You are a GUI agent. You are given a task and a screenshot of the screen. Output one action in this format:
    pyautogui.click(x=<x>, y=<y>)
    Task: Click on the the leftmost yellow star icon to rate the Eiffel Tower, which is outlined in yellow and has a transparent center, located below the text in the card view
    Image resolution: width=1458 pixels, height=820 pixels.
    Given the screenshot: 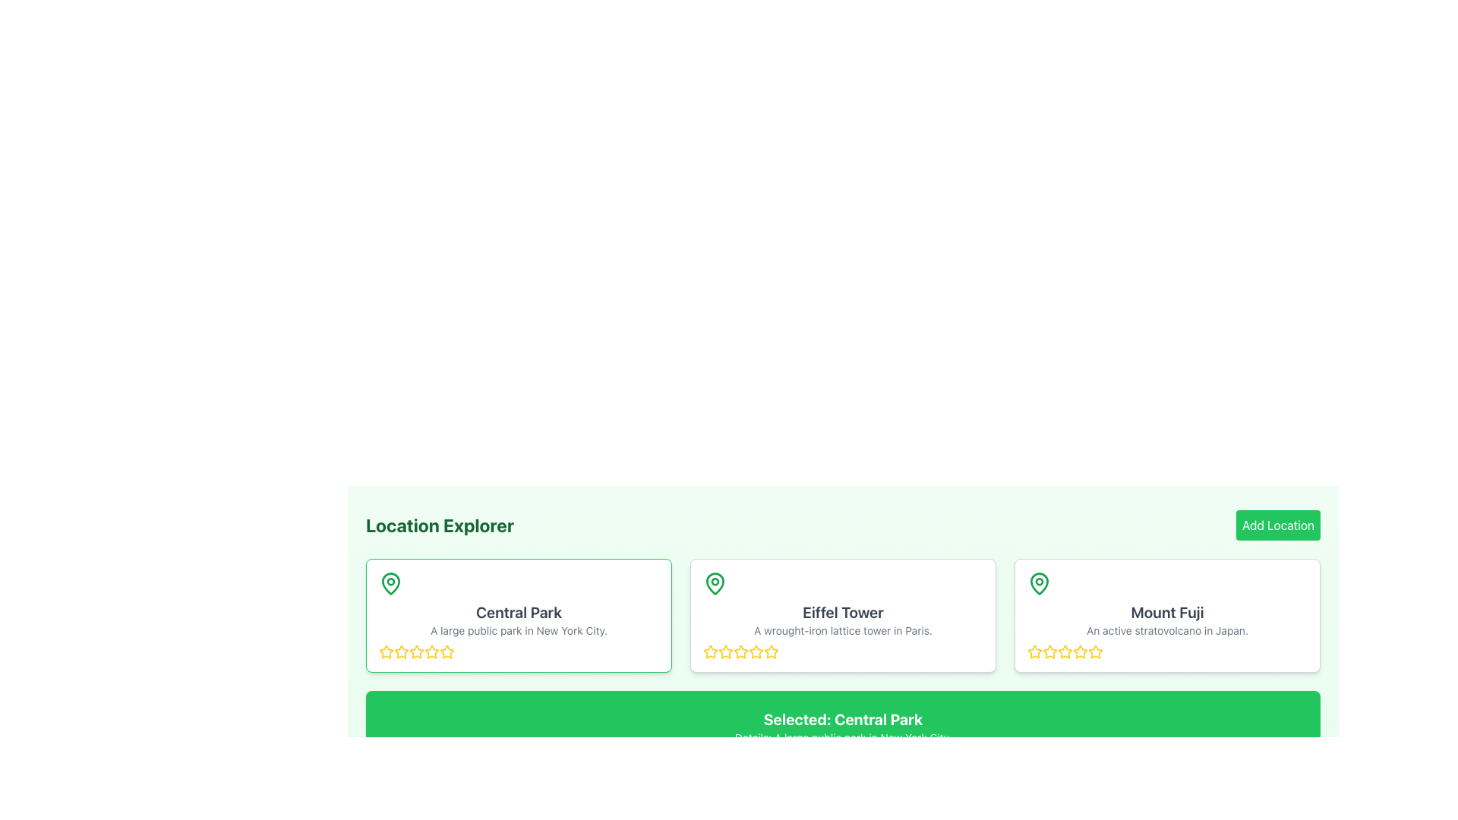 What is the action you would take?
    pyautogui.click(x=710, y=651)
    